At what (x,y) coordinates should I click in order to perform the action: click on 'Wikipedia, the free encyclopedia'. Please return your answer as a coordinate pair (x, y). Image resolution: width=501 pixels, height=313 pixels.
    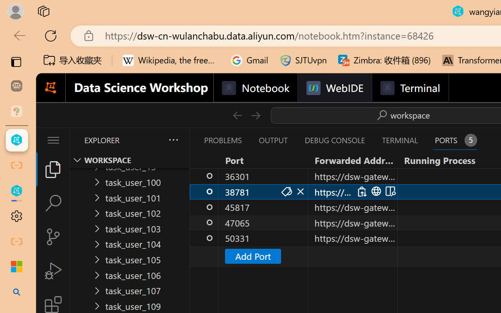
    Looking at the image, I should click on (171, 60).